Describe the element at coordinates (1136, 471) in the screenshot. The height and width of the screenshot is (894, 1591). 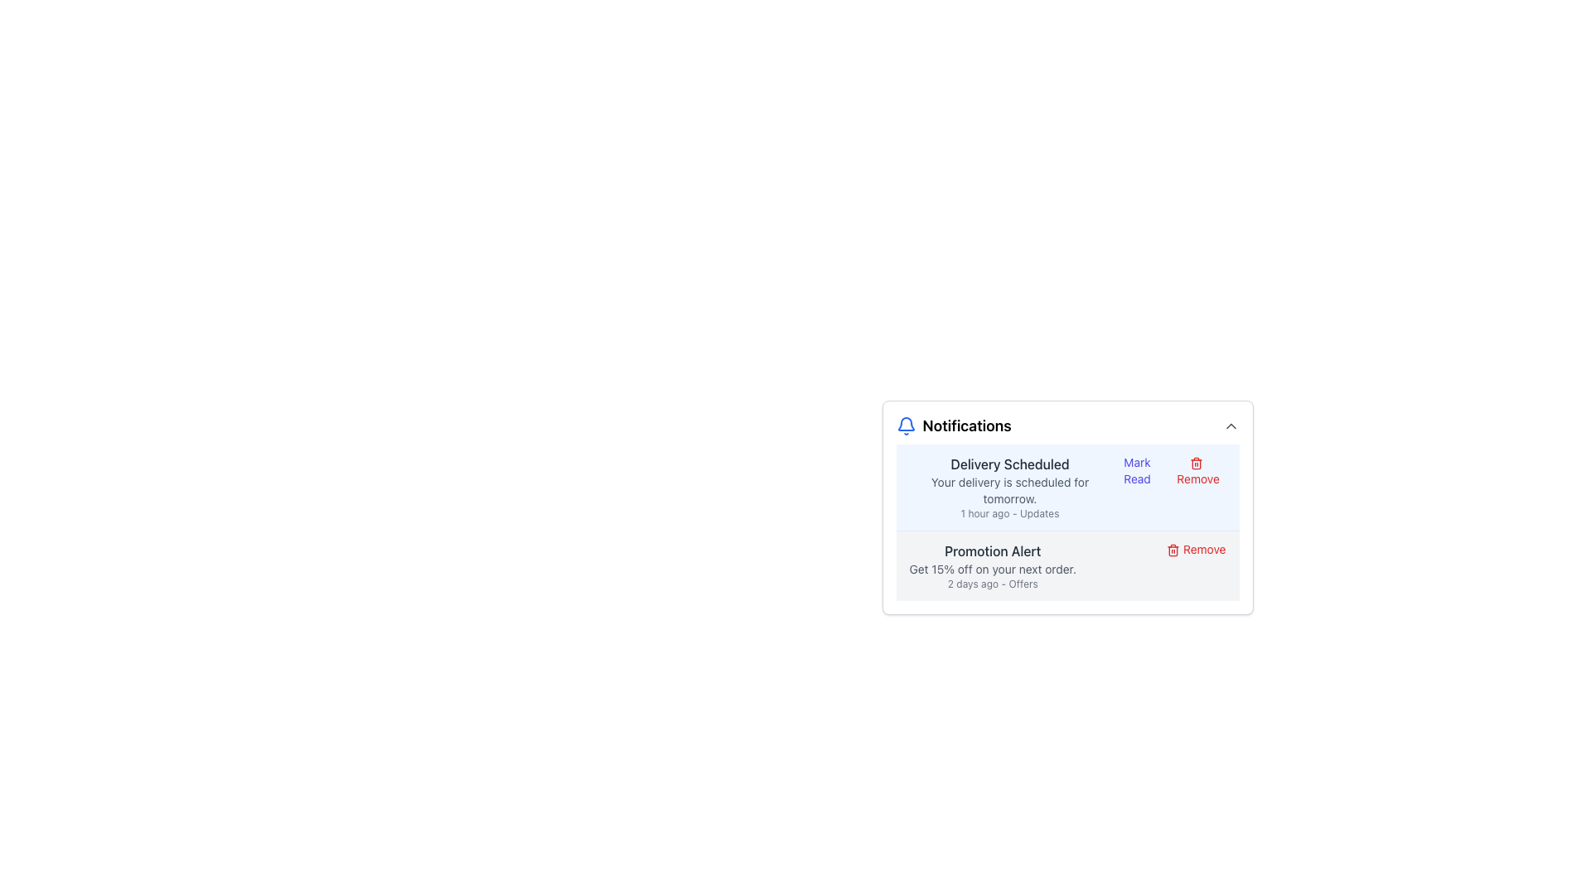
I see `the 'Mark Read' text button in the notification panel to mark the notification as read` at that location.